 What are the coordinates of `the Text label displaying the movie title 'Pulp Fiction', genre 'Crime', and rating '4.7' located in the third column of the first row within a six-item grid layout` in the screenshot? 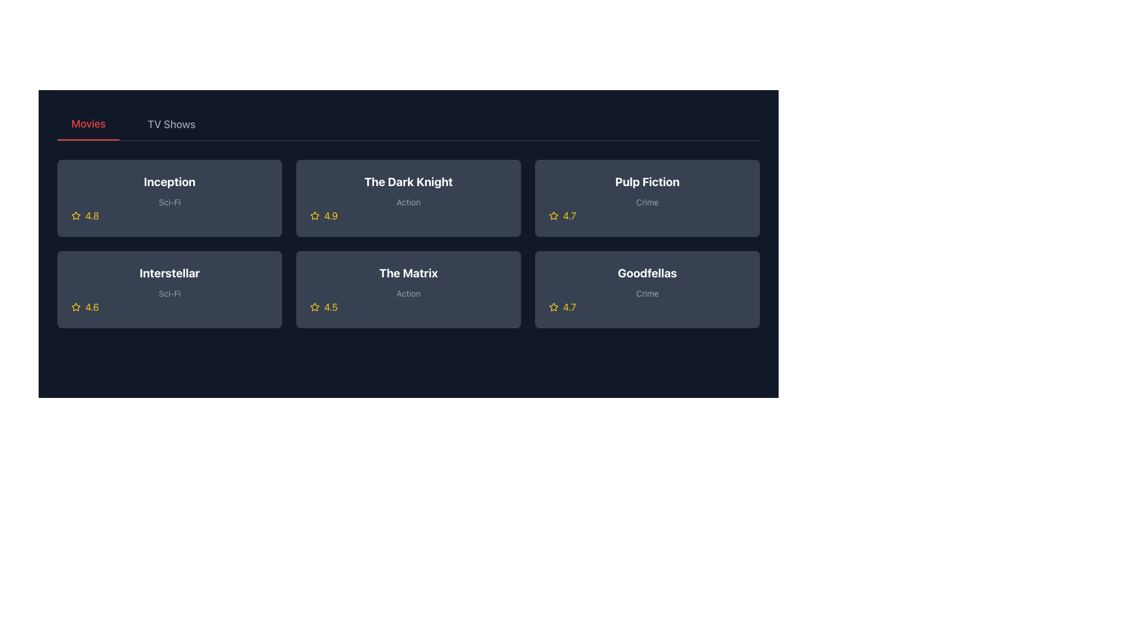 It's located at (646, 191).